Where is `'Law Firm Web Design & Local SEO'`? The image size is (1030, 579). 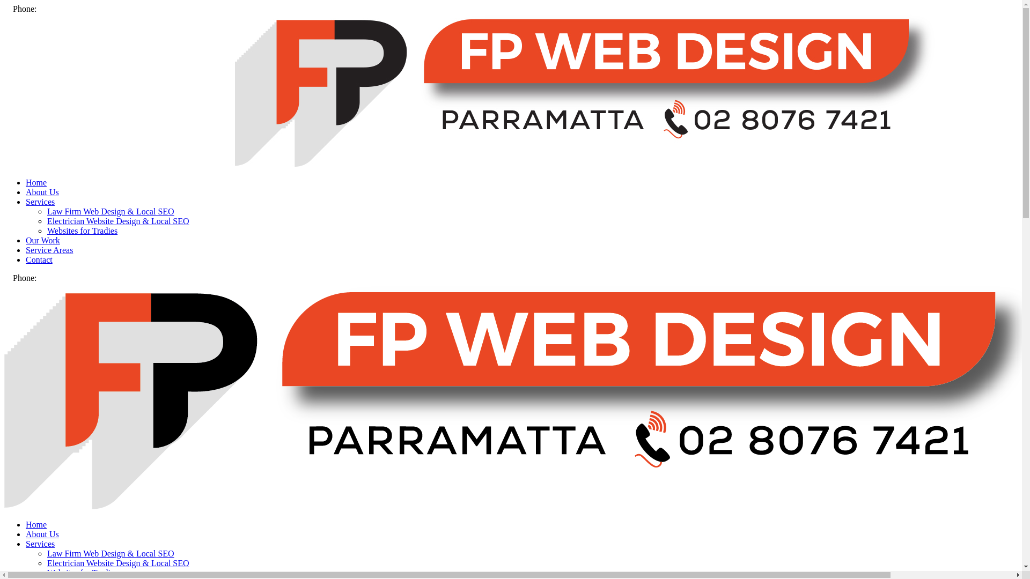 'Law Firm Web Design & Local SEO' is located at coordinates (111, 211).